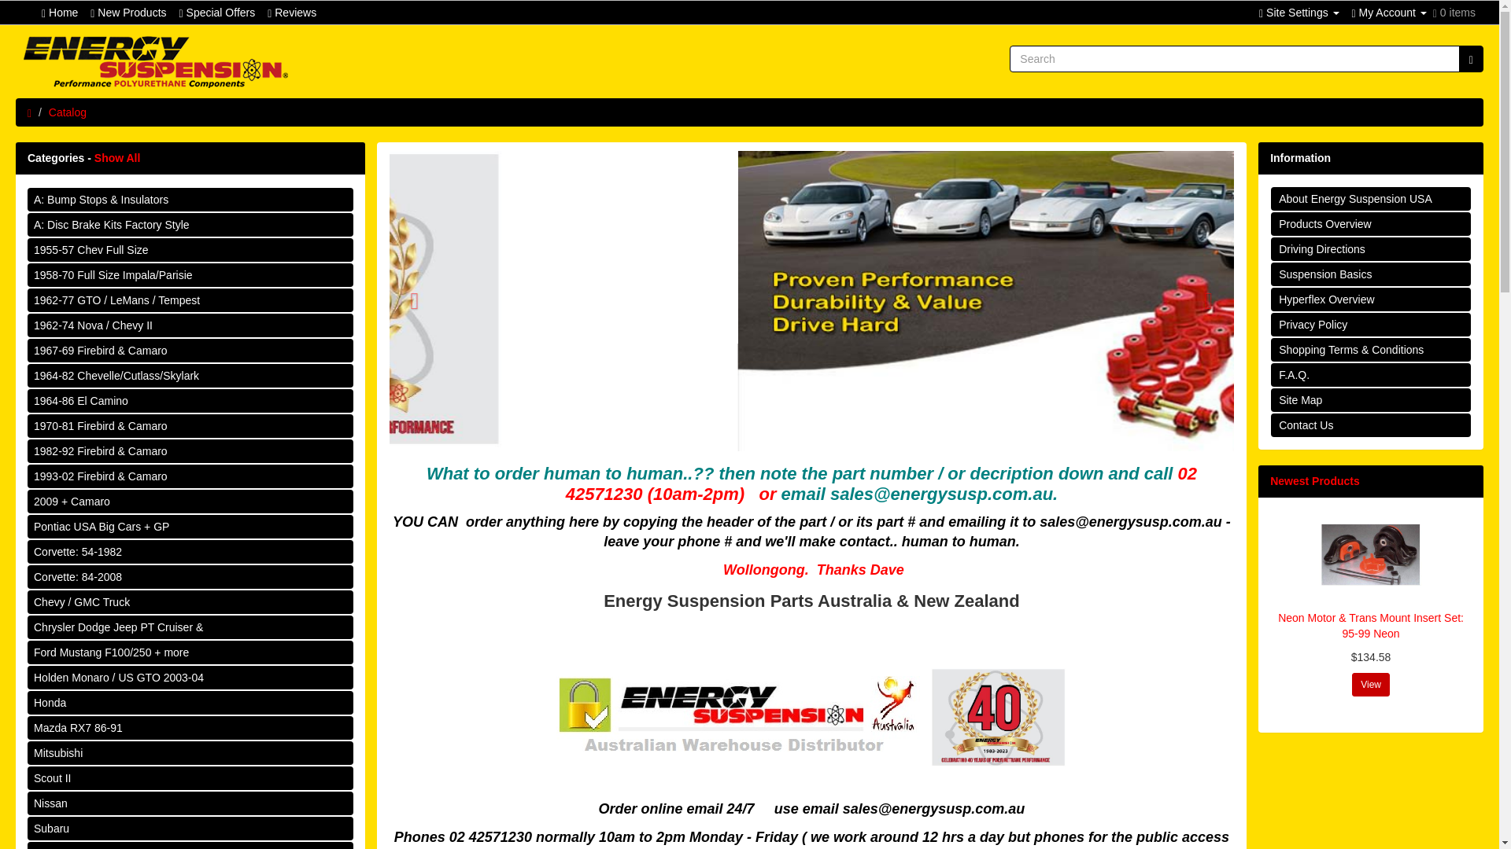  What do you see at coordinates (67, 111) in the screenshot?
I see `'Catalog'` at bounding box center [67, 111].